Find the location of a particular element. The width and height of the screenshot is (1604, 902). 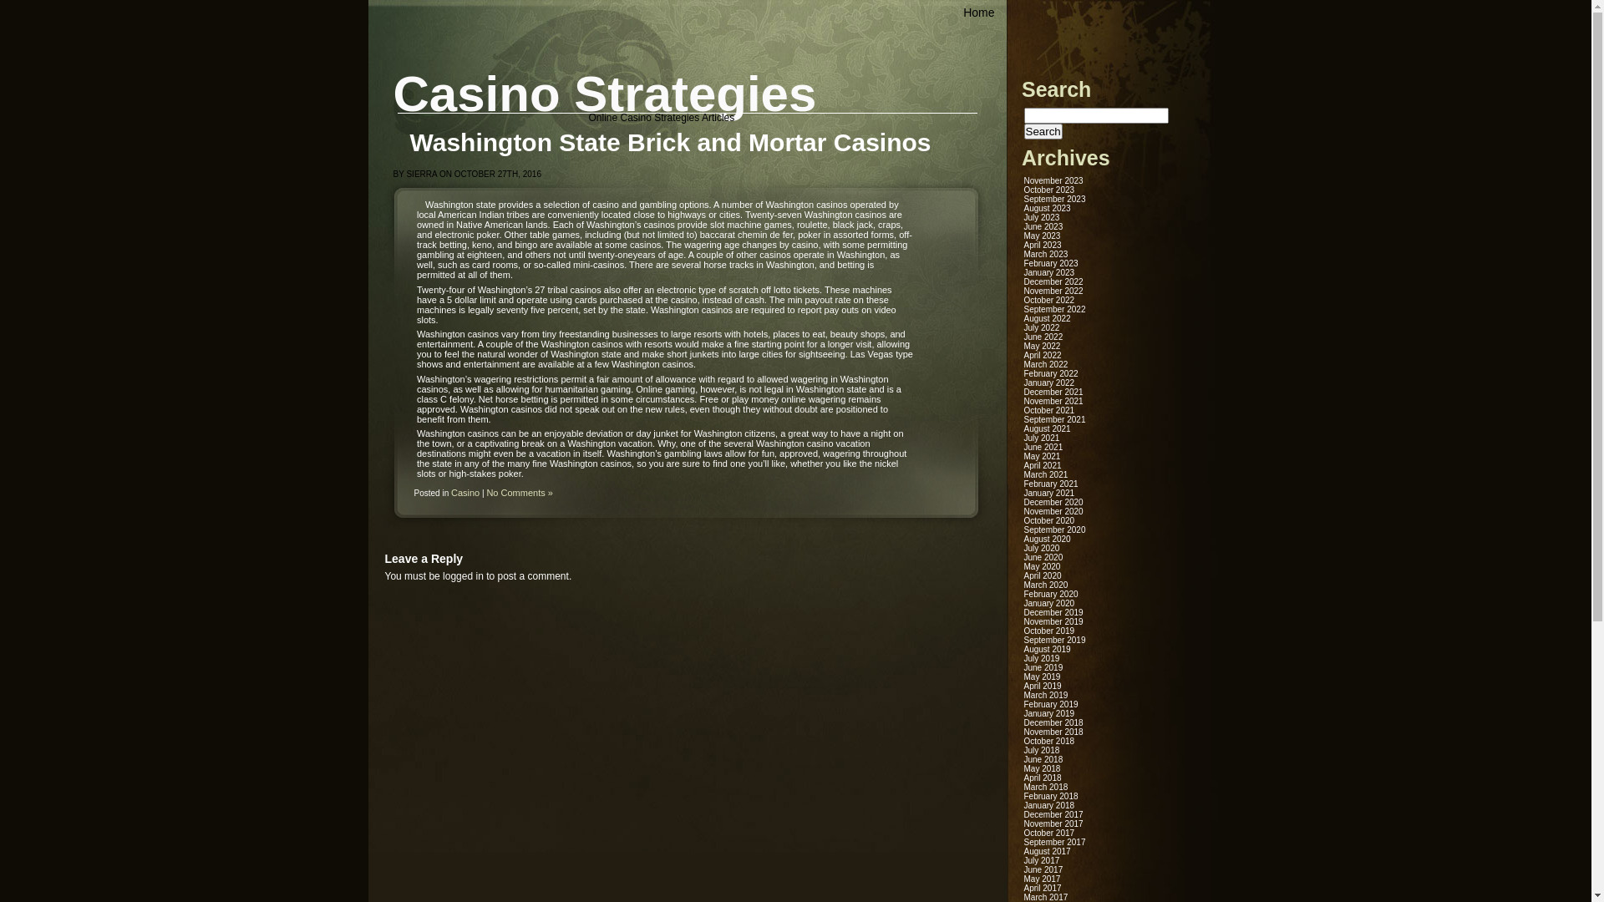

'December 2019' is located at coordinates (1023, 612).